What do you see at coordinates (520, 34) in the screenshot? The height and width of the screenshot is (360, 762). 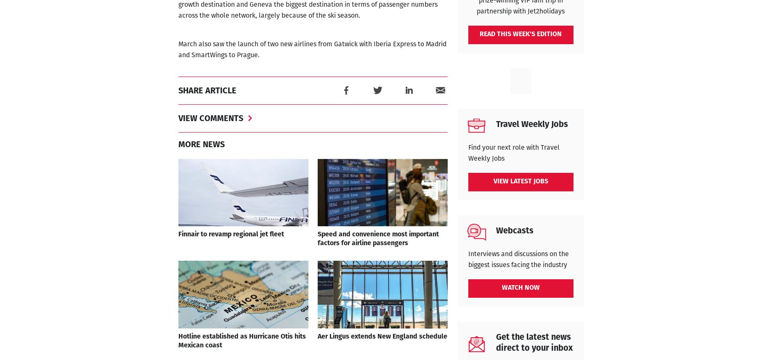 I see `'Read this week's edition'` at bounding box center [520, 34].